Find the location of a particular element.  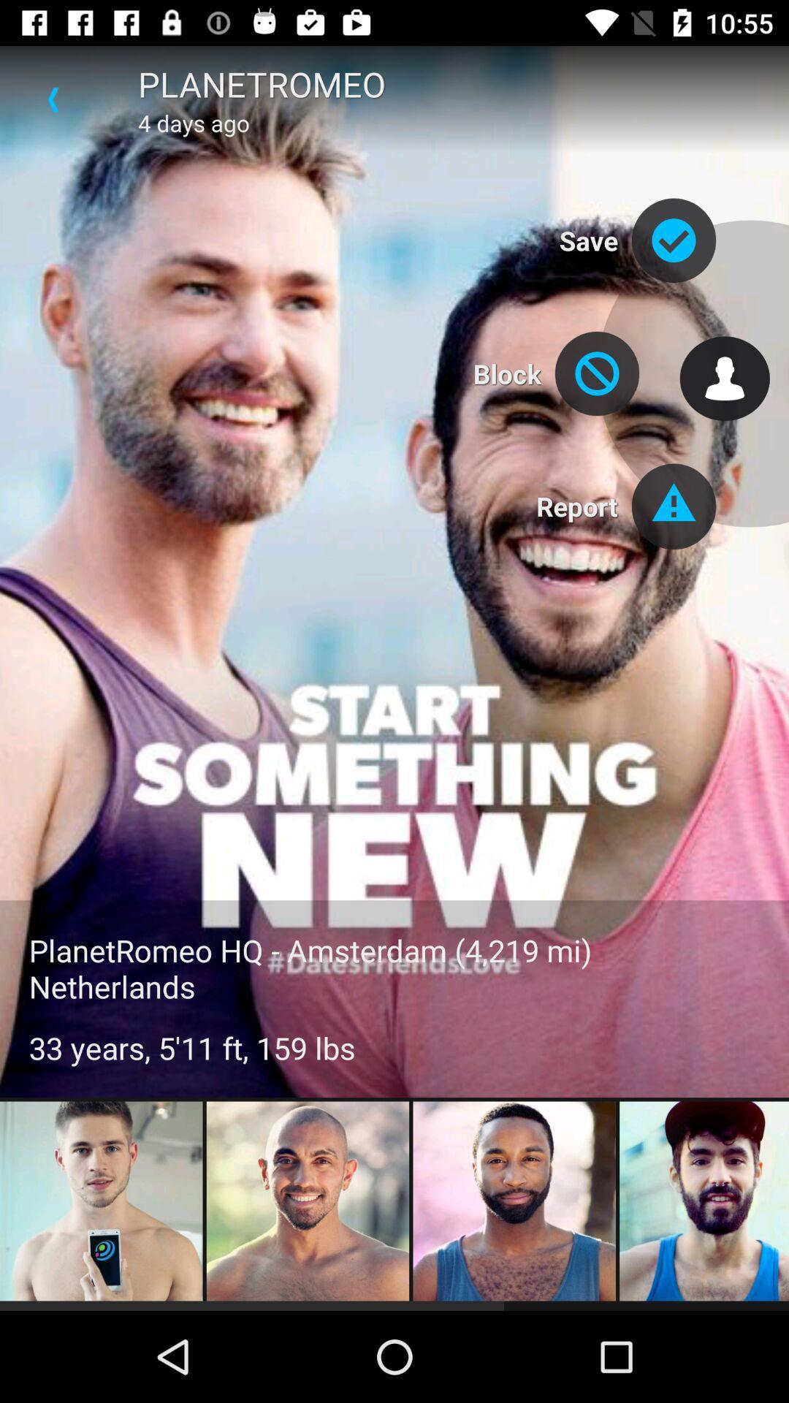

the icon to the left of planetromeo icon is located at coordinates (53, 99).